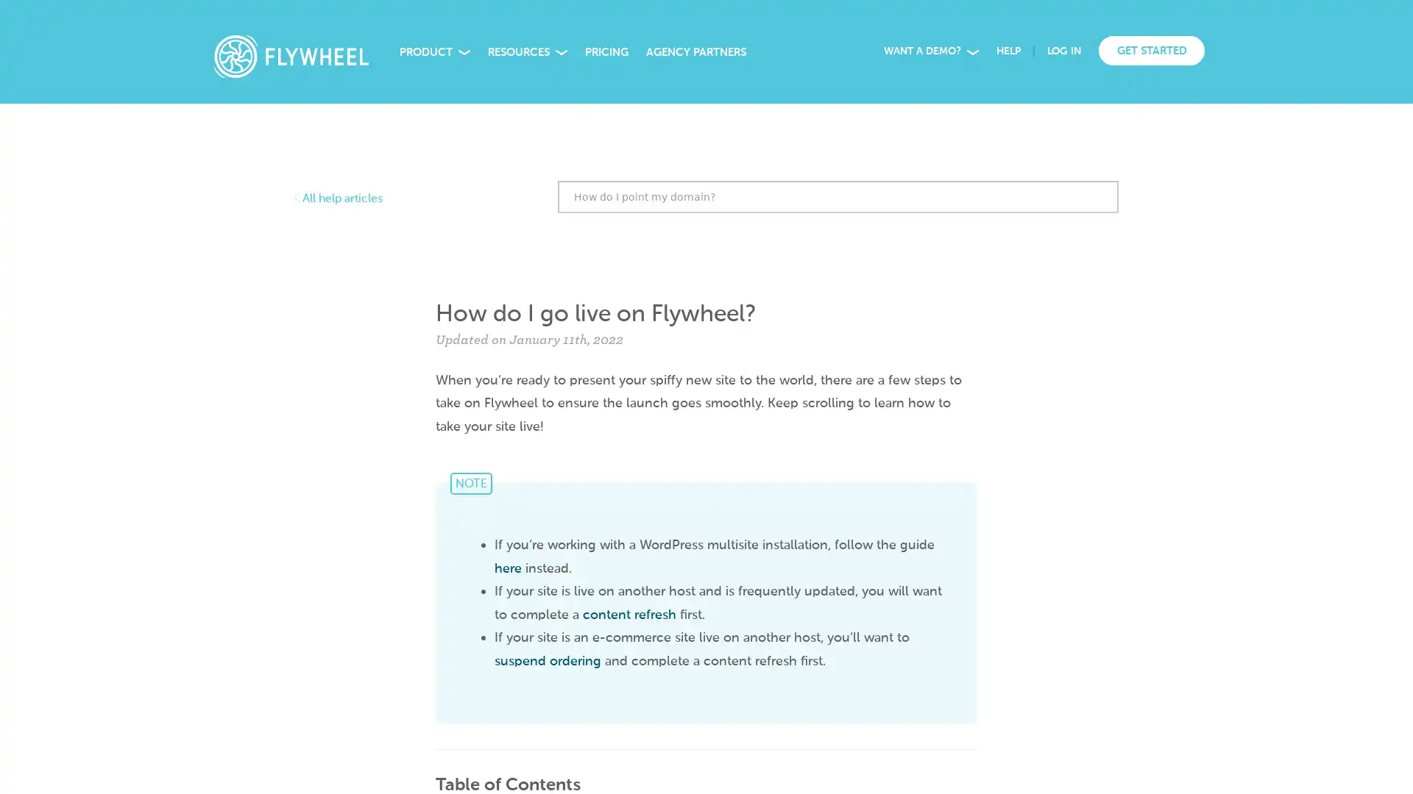 The width and height of the screenshot is (1413, 794). I want to click on Close, so click(1391, 18).